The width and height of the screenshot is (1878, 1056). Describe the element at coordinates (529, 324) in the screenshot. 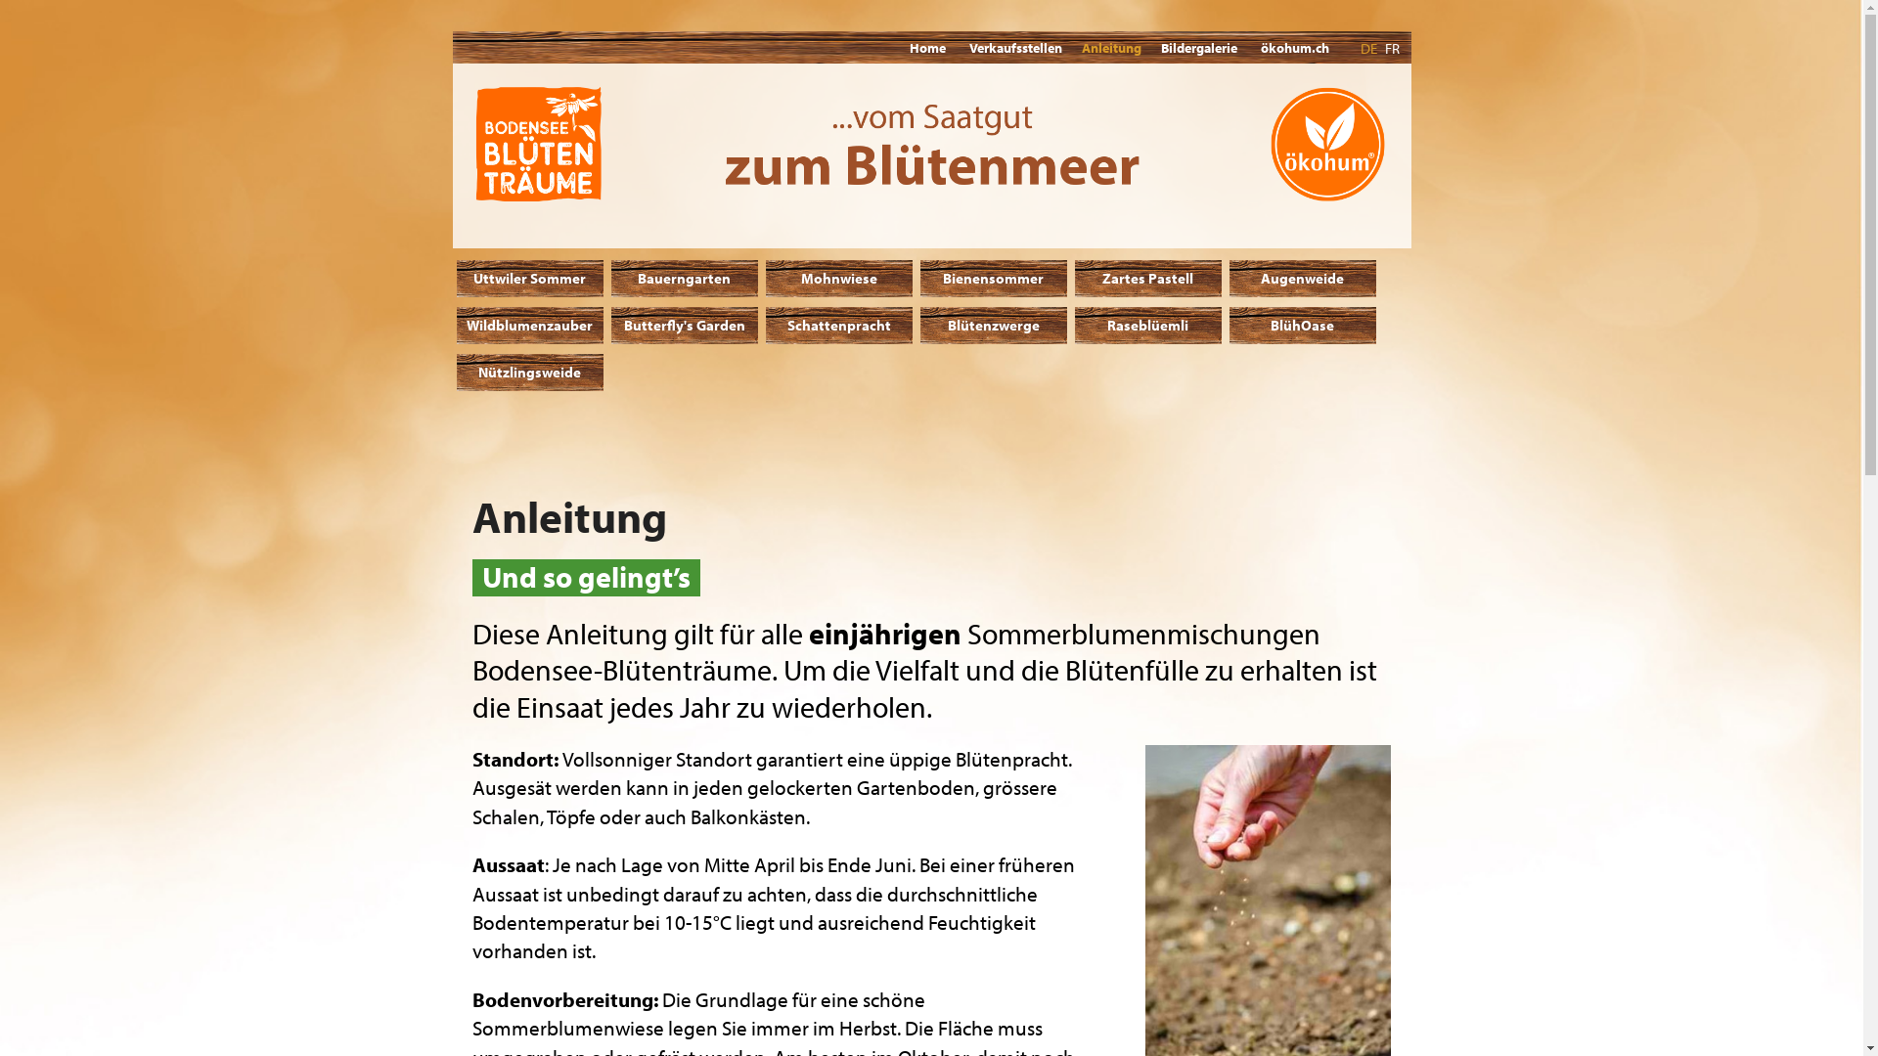

I see `'Wildblumenzauber'` at that location.